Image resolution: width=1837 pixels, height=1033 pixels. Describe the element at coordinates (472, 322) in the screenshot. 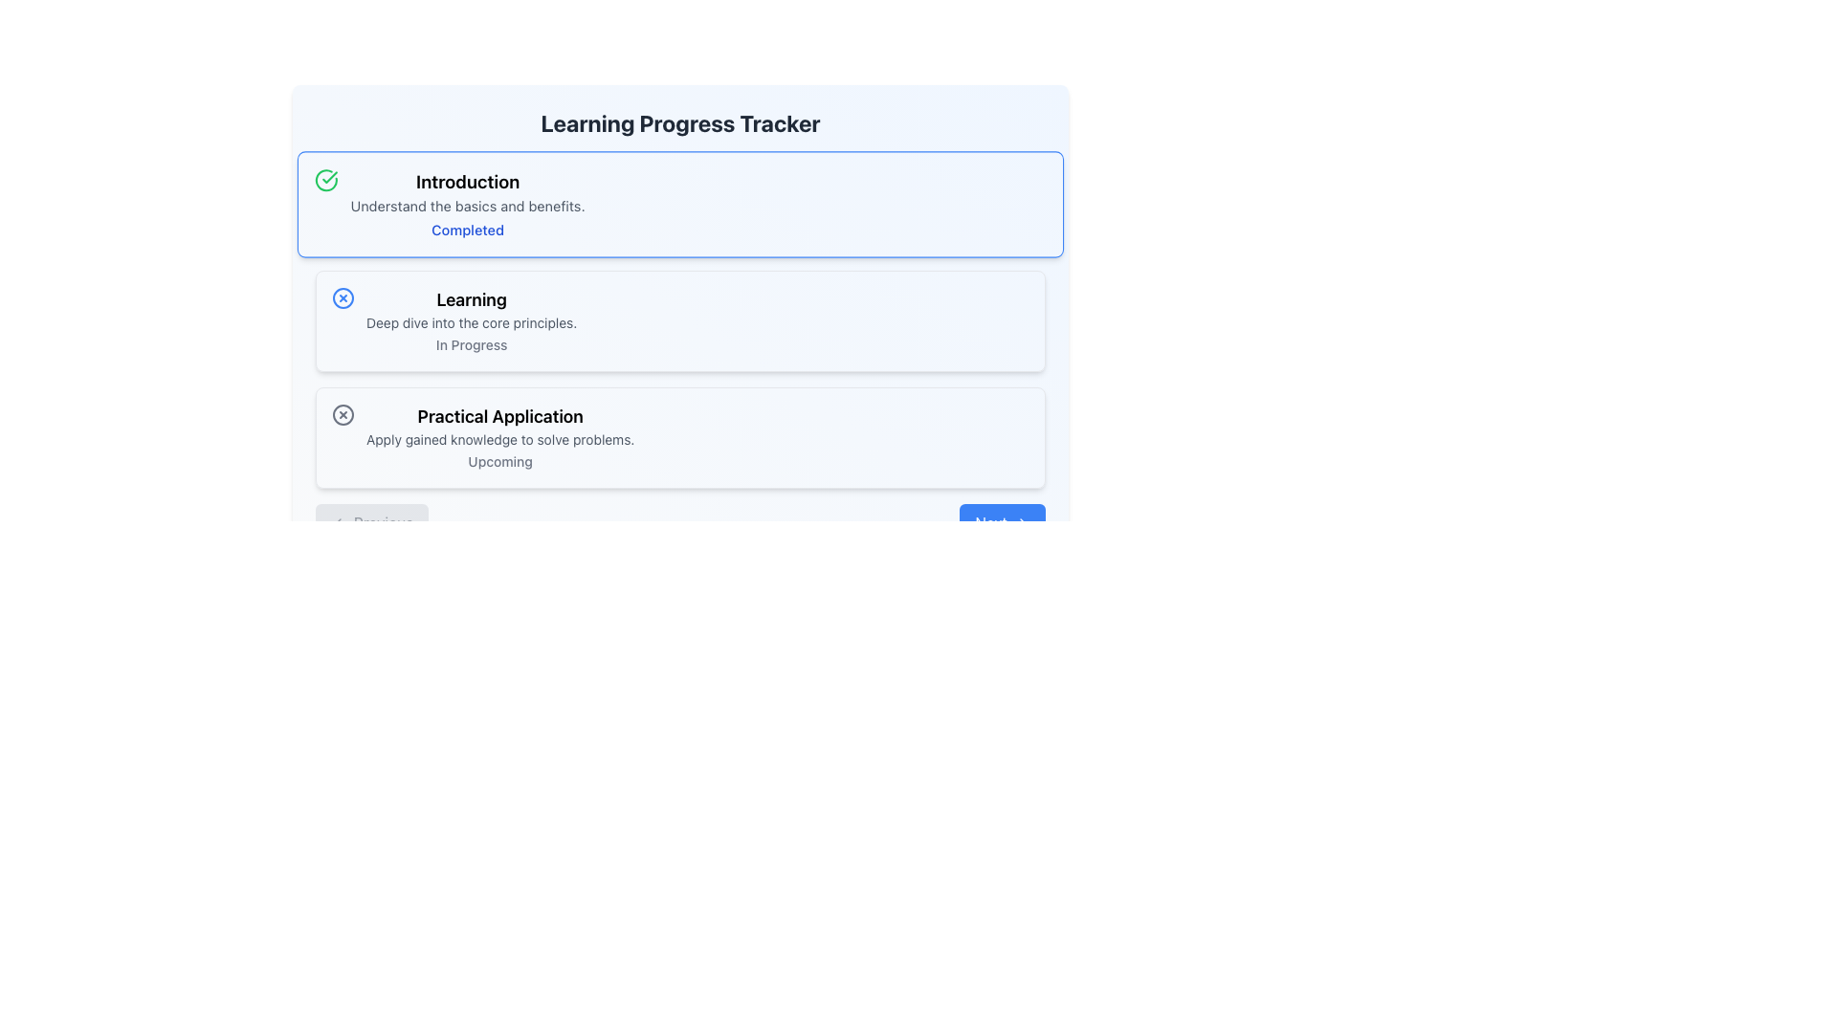

I see `the text label that reads 'Deep dive into the core principles.' which is styled with a small font size and gray color, positioned below 'Learning' and above 'In Progress'` at that location.